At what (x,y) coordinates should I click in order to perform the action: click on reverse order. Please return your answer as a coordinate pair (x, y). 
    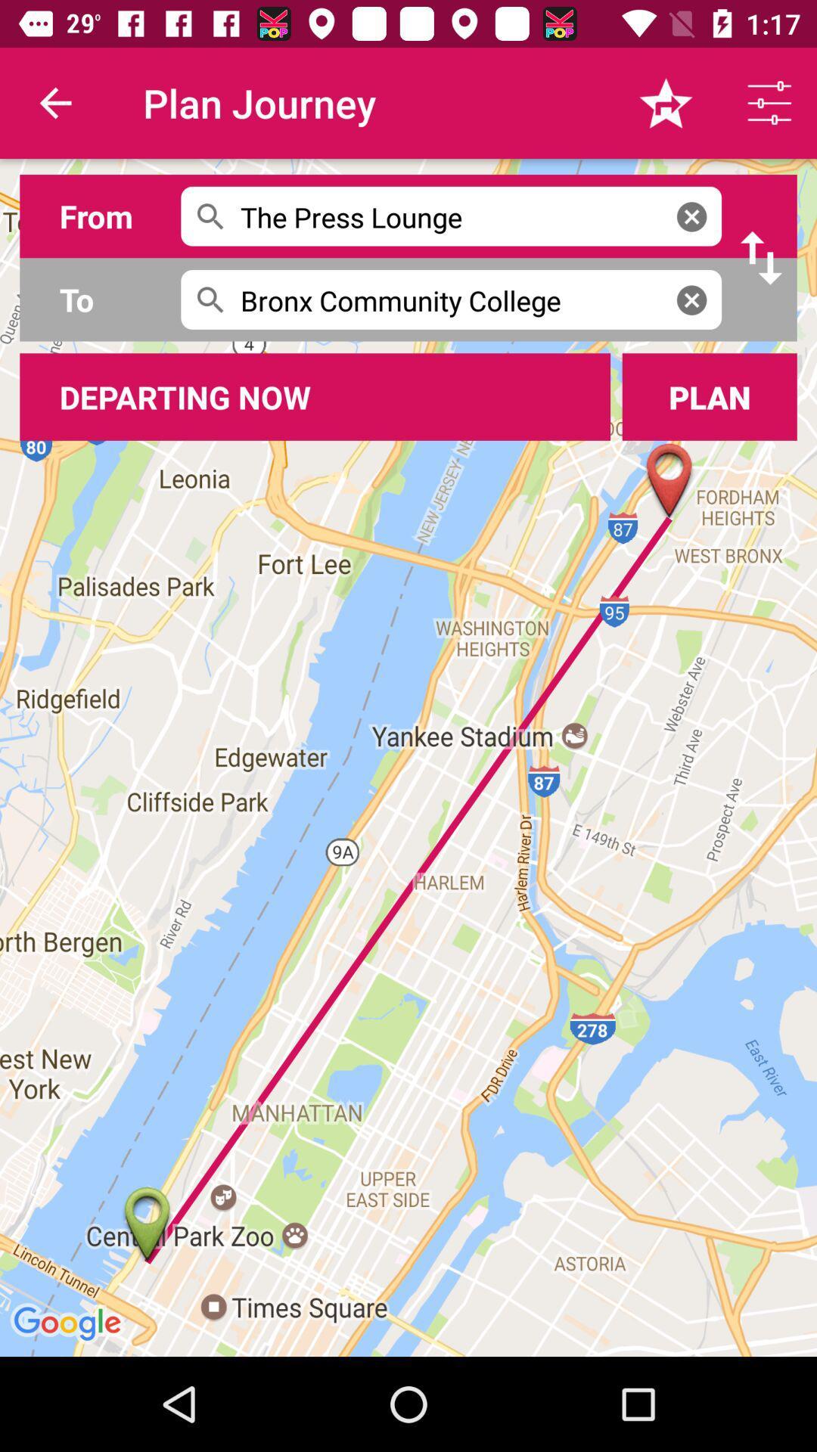
    Looking at the image, I should click on (761, 258).